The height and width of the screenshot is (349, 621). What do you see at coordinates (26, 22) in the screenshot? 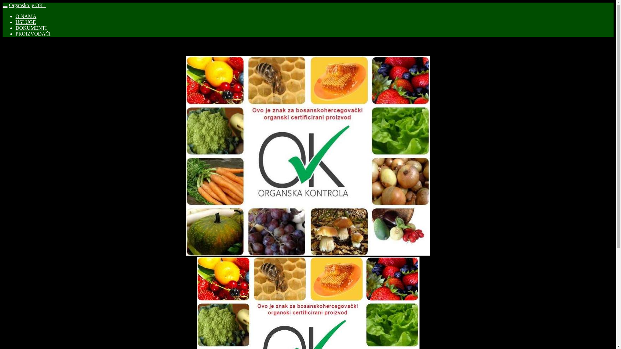
I see `'USLUGE'` at bounding box center [26, 22].